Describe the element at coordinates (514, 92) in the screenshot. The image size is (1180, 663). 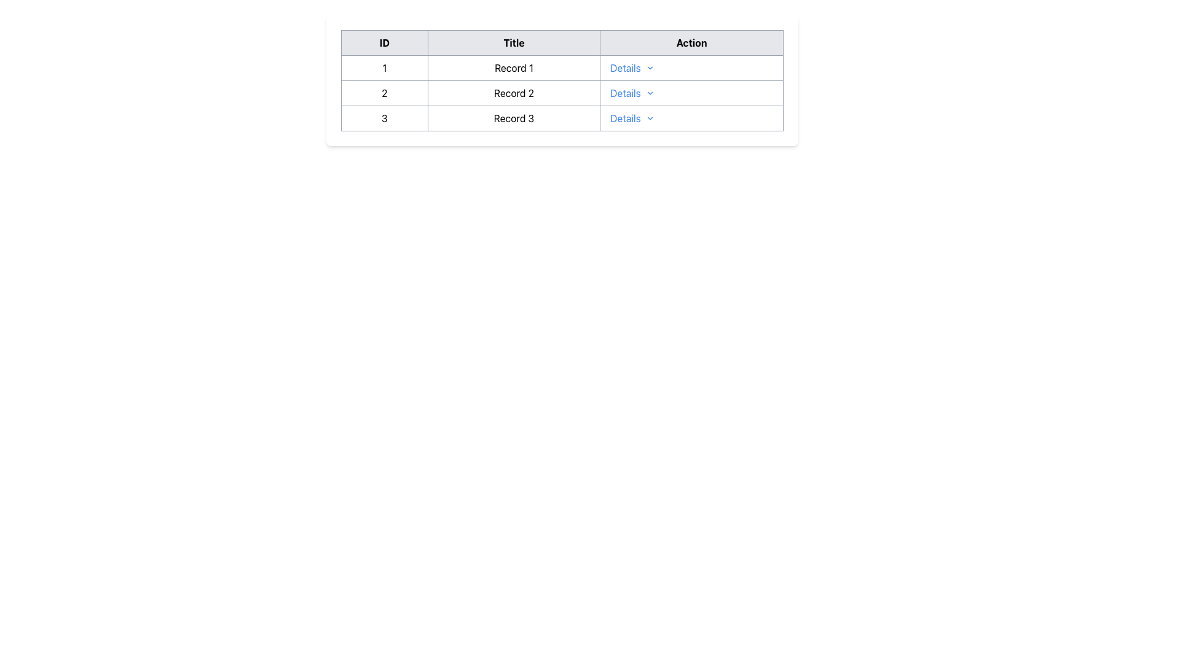
I see `the text label representing the title or name of the record in the second column of the second row in the table layout` at that location.